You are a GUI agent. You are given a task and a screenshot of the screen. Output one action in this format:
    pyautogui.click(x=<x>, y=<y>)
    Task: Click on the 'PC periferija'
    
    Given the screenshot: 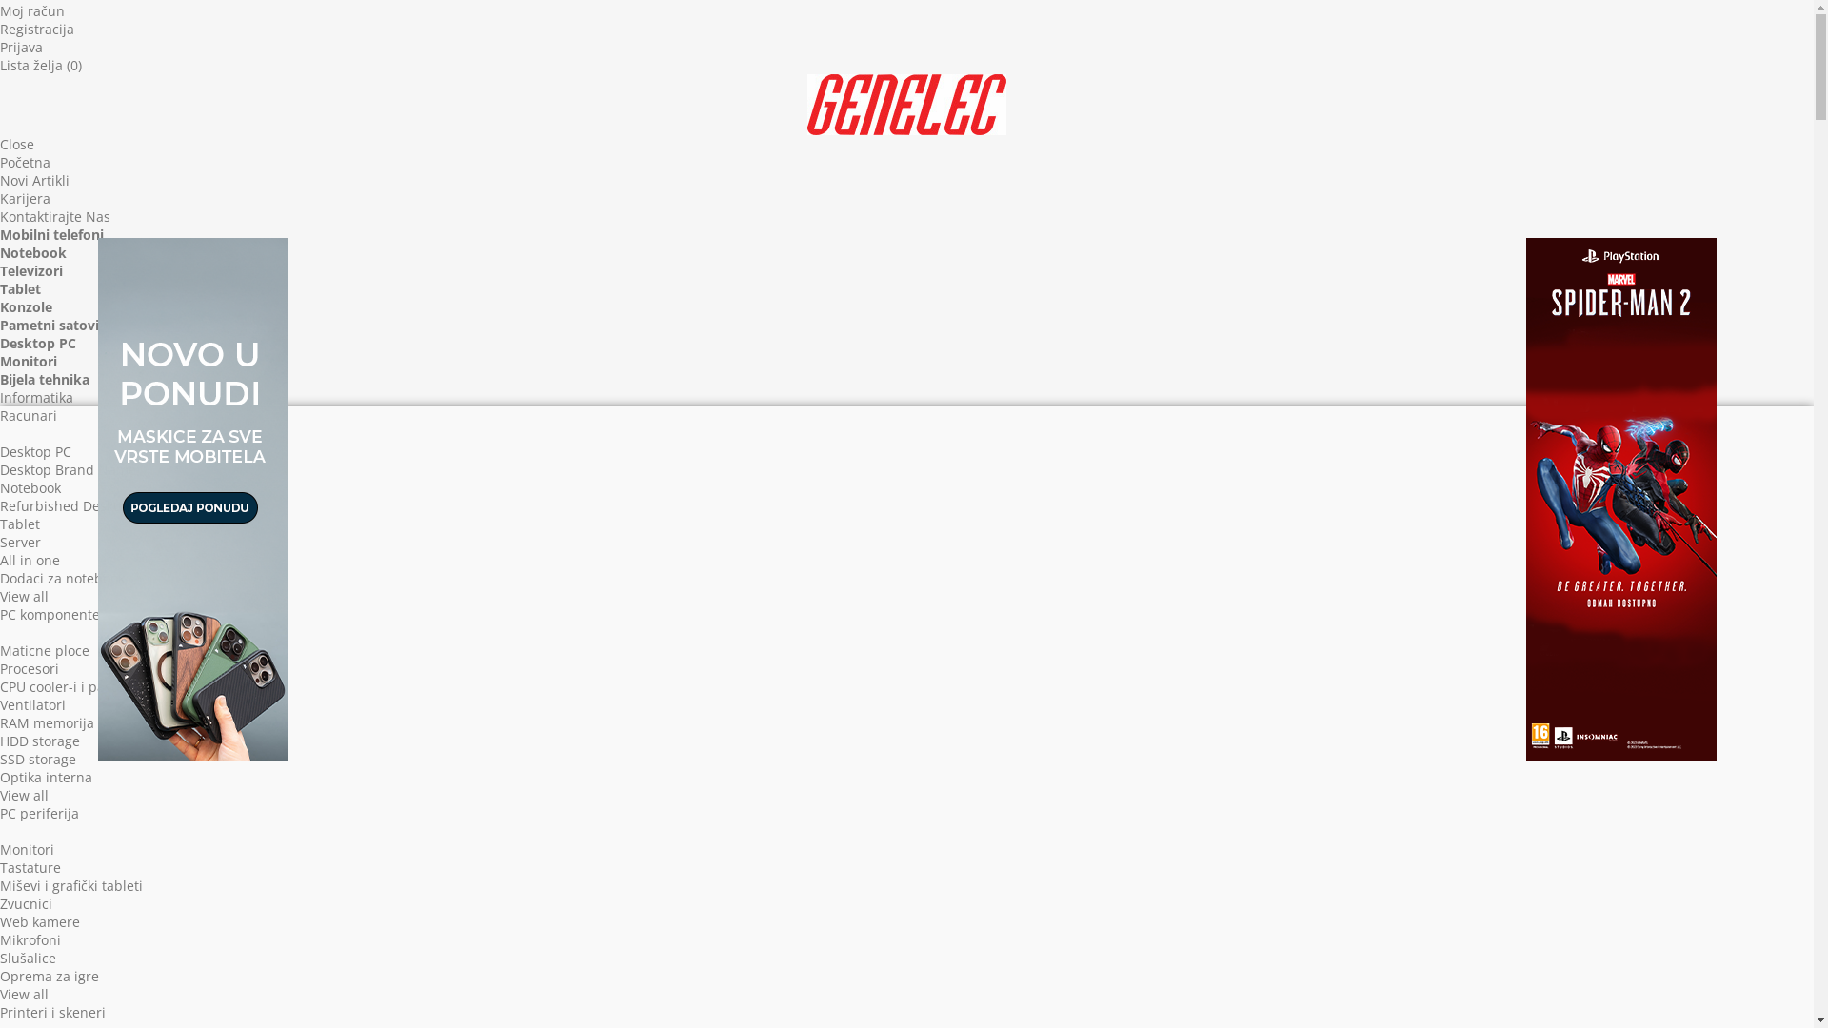 What is the action you would take?
    pyautogui.click(x=39, y=813)
    